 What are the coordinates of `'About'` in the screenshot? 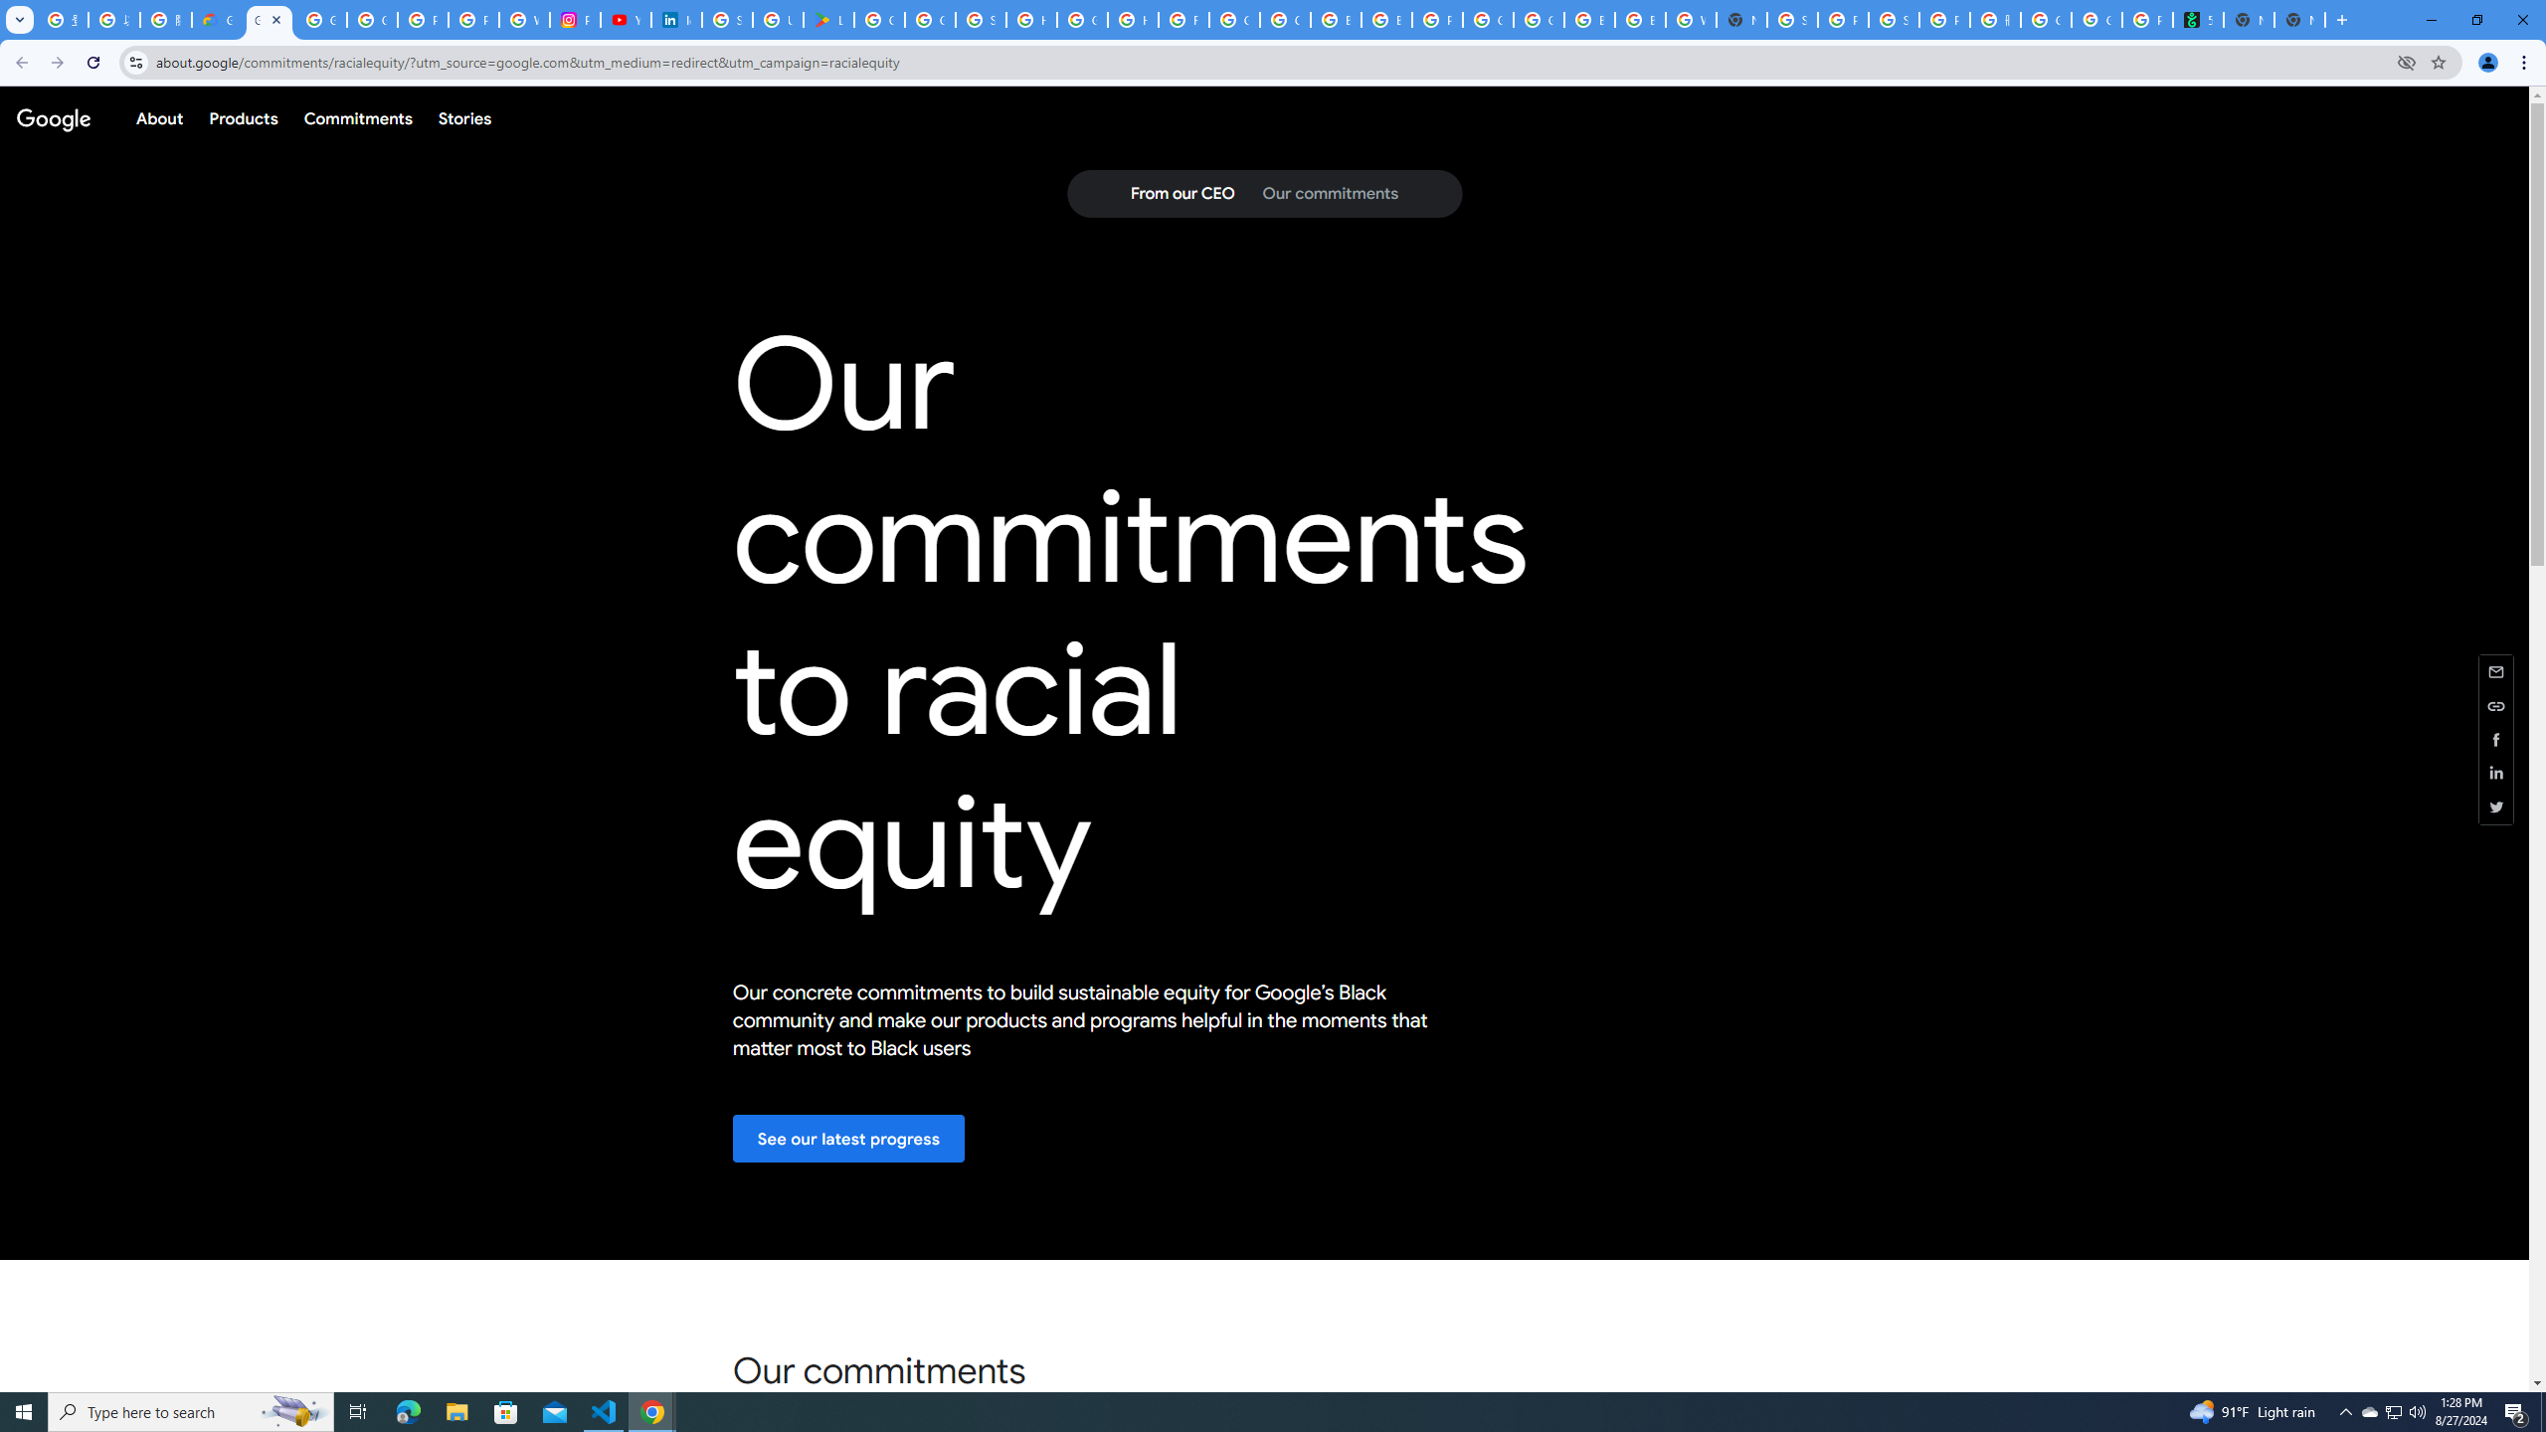 It's located at (158, 117).